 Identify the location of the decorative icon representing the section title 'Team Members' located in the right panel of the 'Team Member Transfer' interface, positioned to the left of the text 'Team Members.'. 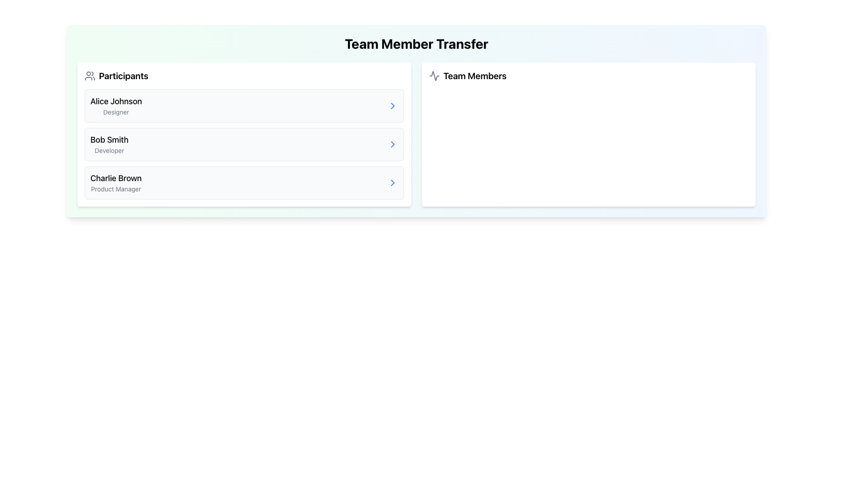
(434, 75).